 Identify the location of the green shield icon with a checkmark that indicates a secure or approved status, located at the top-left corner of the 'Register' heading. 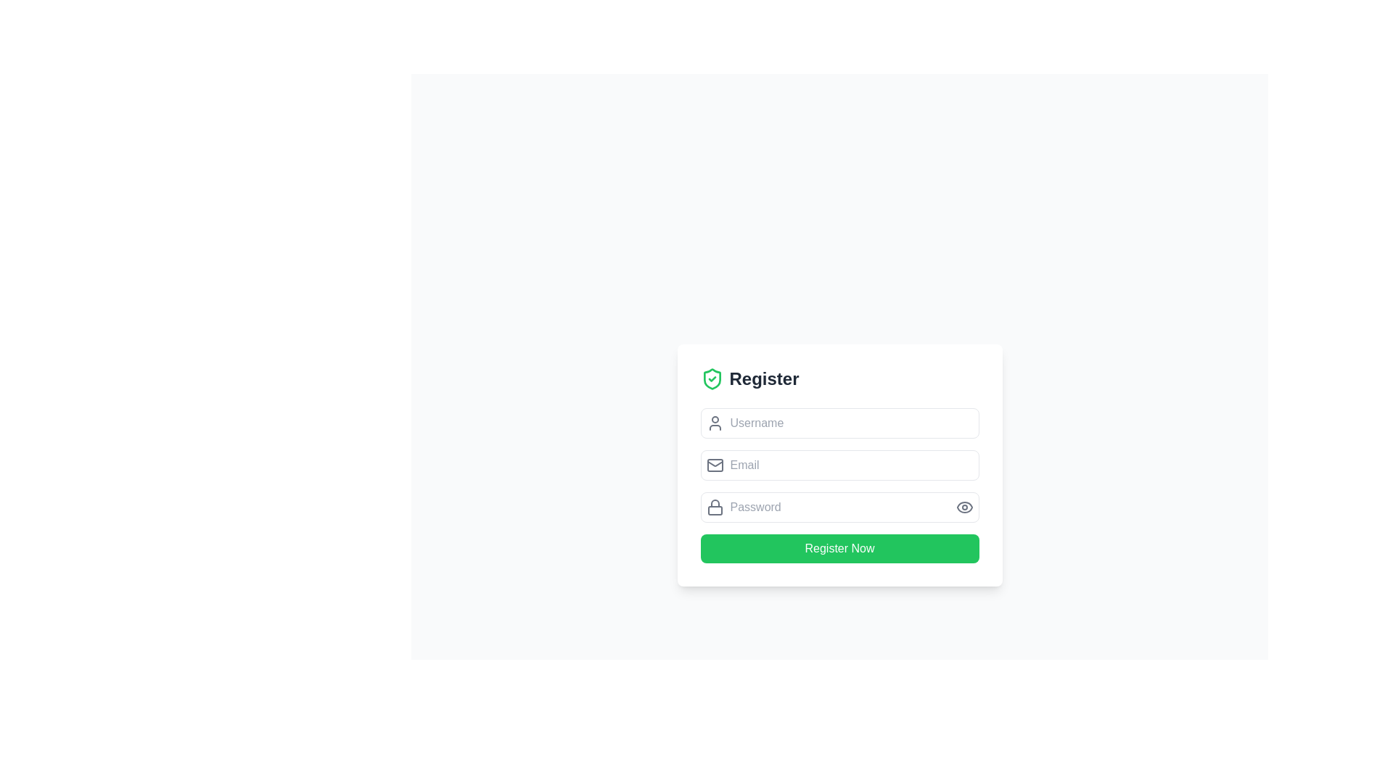
(712, 378).